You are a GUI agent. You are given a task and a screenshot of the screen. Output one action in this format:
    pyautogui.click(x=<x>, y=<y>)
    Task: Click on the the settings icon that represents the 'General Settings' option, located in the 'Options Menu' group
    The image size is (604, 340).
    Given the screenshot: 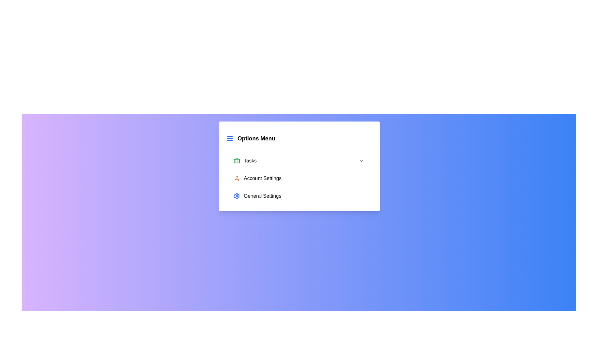 What is the action you would take?
    pyautogui.click(x=237, y=196)
    